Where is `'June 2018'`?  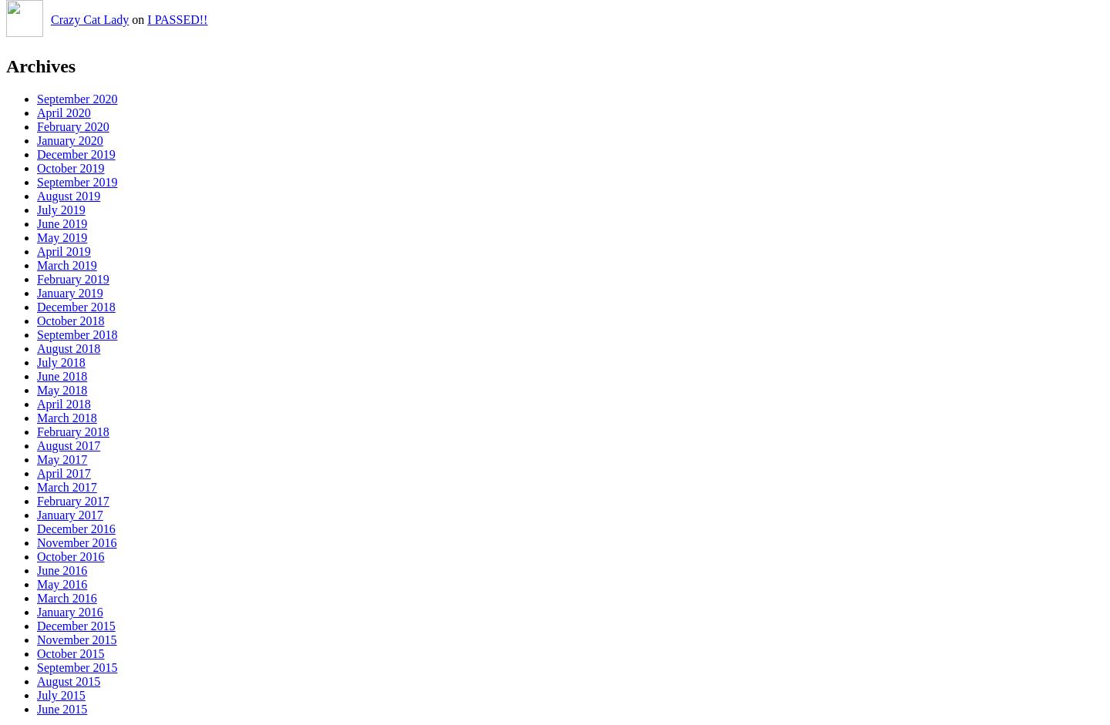
'June 2018' is located at coordinates (62, 375).